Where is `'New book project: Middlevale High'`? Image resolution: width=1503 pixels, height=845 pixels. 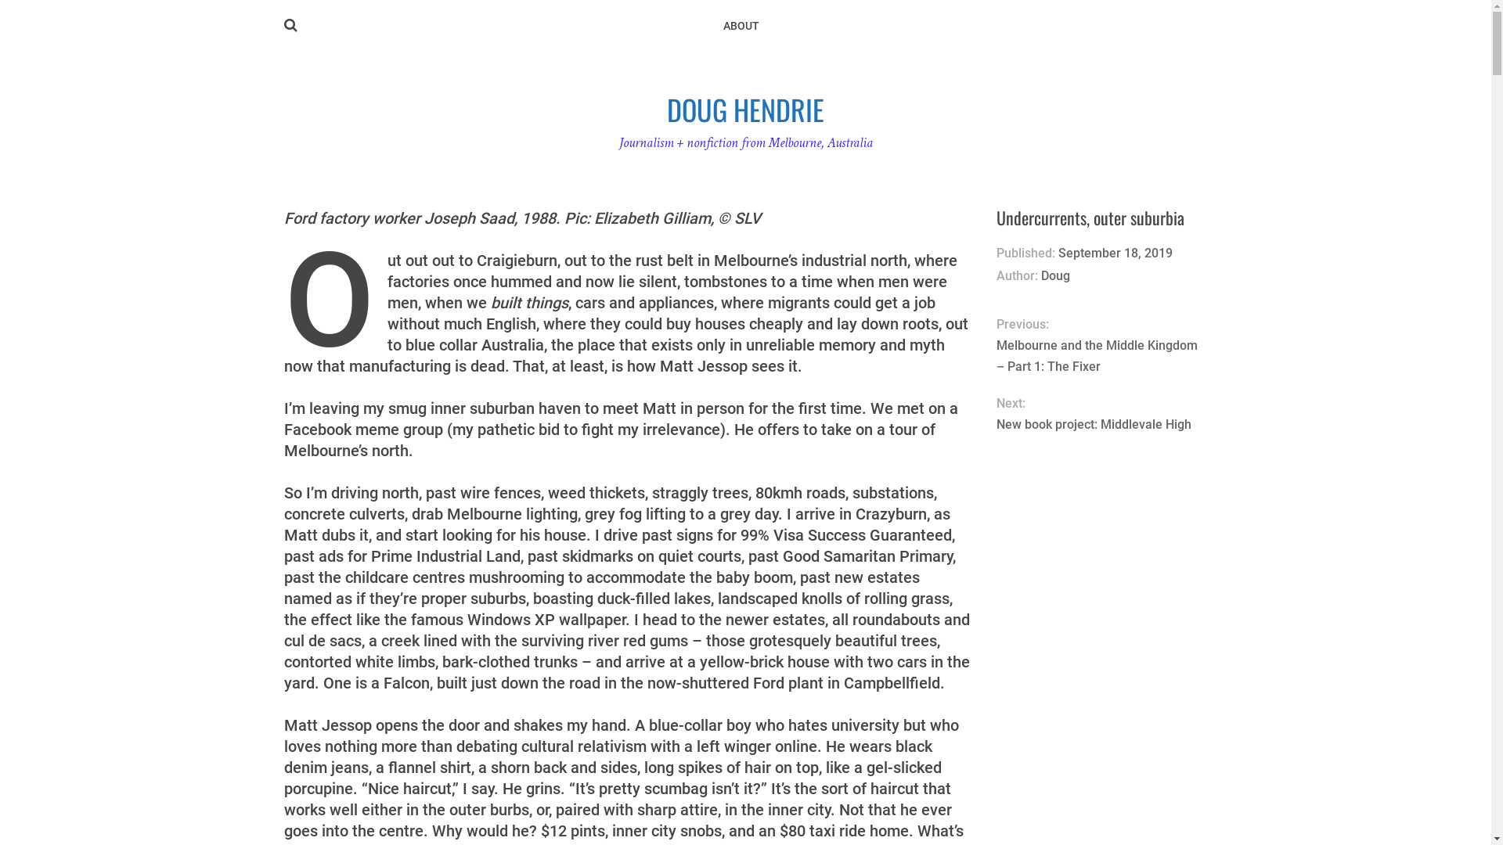 'New book project: Middlevale High' is located at coordinates (1101, 424).